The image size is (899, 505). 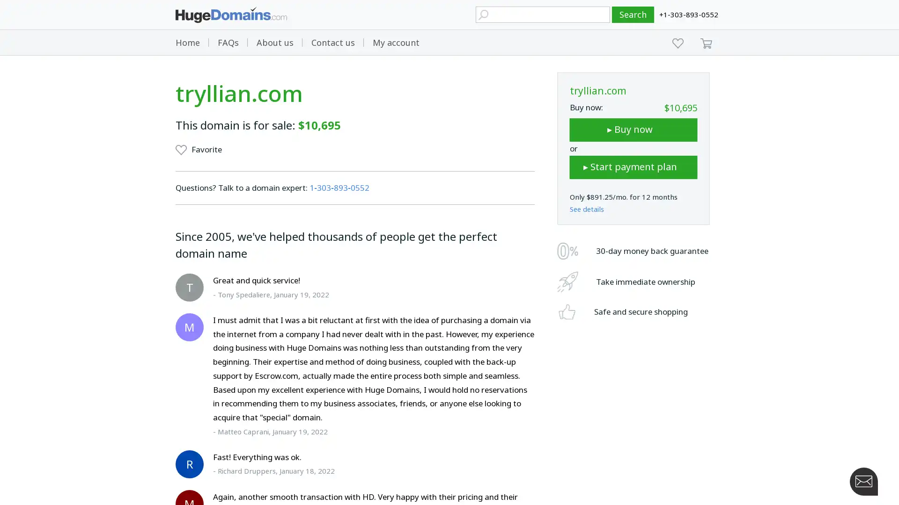 I want to click on Search, so click(x=633, y=14).